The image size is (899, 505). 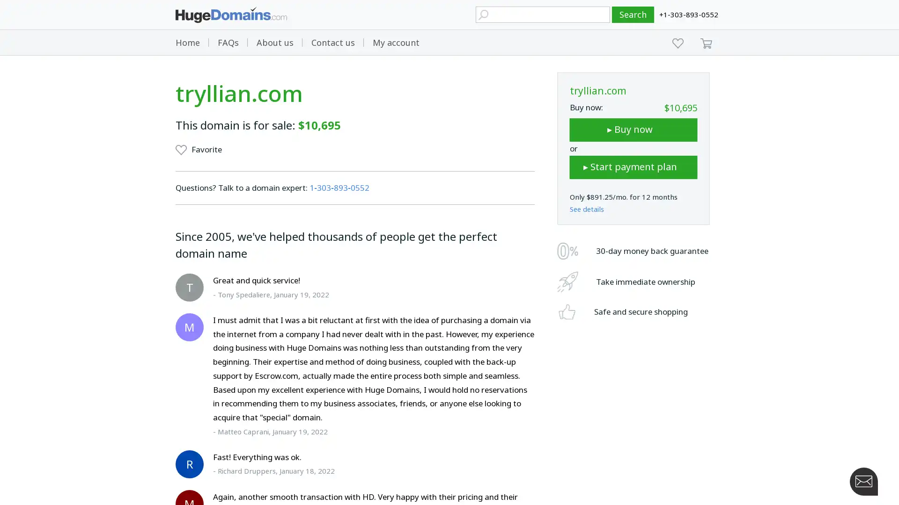 I want to click on Search, so click(x=633, y=14).